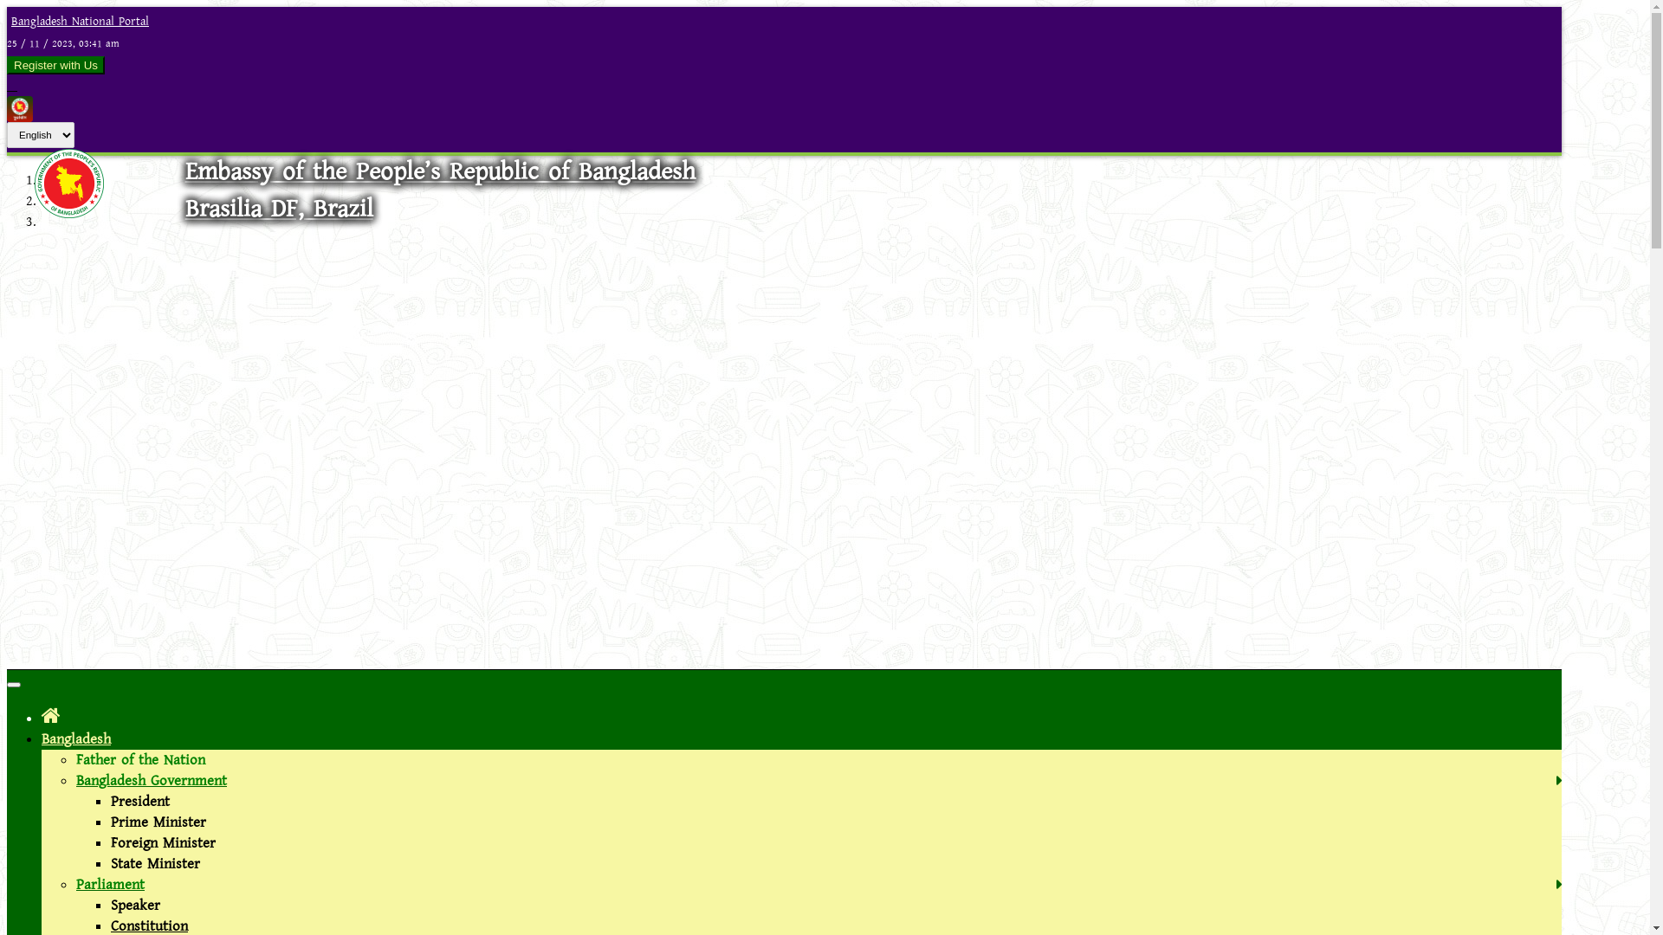 The width and height of the screenshot is (1663, 935). Describe the element at coordinates (74, 885) in the screenshot. I see `'Parliament'` at that location.